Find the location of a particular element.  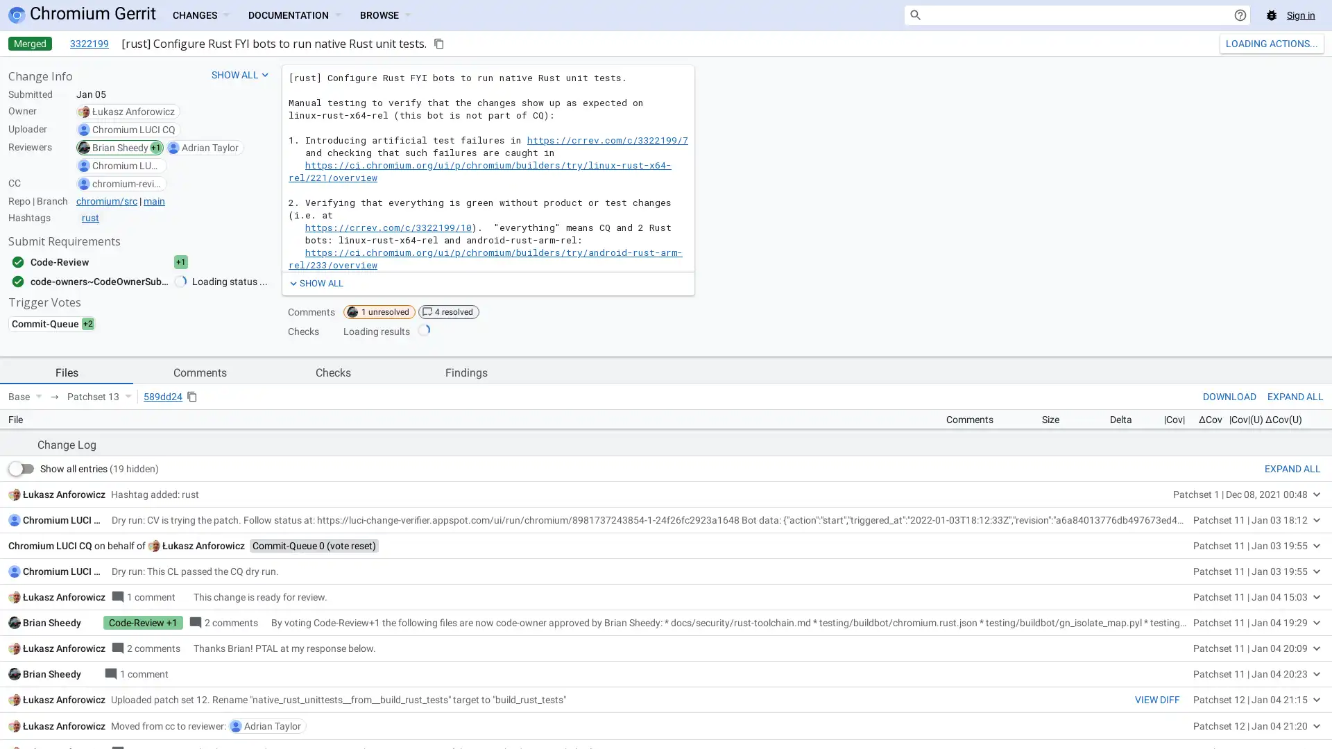

Base is located at coordinates (25, 396).